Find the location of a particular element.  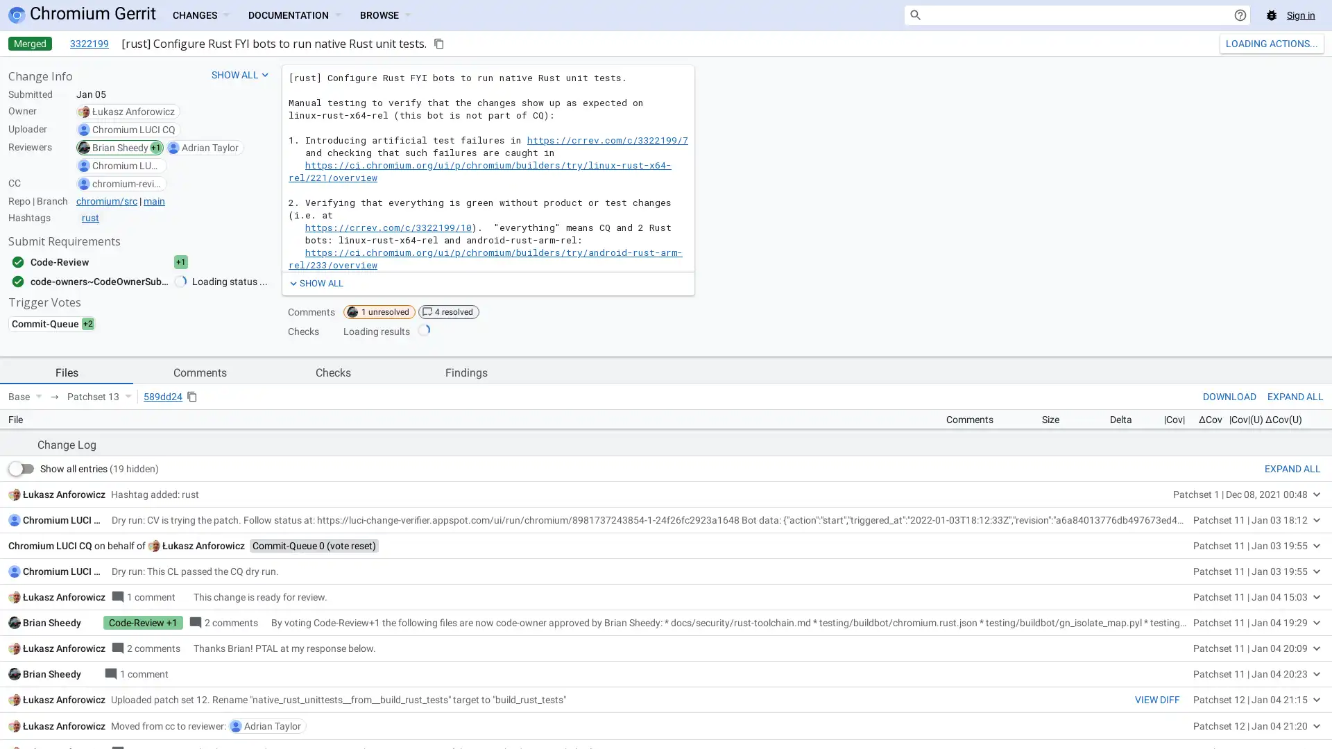

Base is located at coordinates (25, 396).